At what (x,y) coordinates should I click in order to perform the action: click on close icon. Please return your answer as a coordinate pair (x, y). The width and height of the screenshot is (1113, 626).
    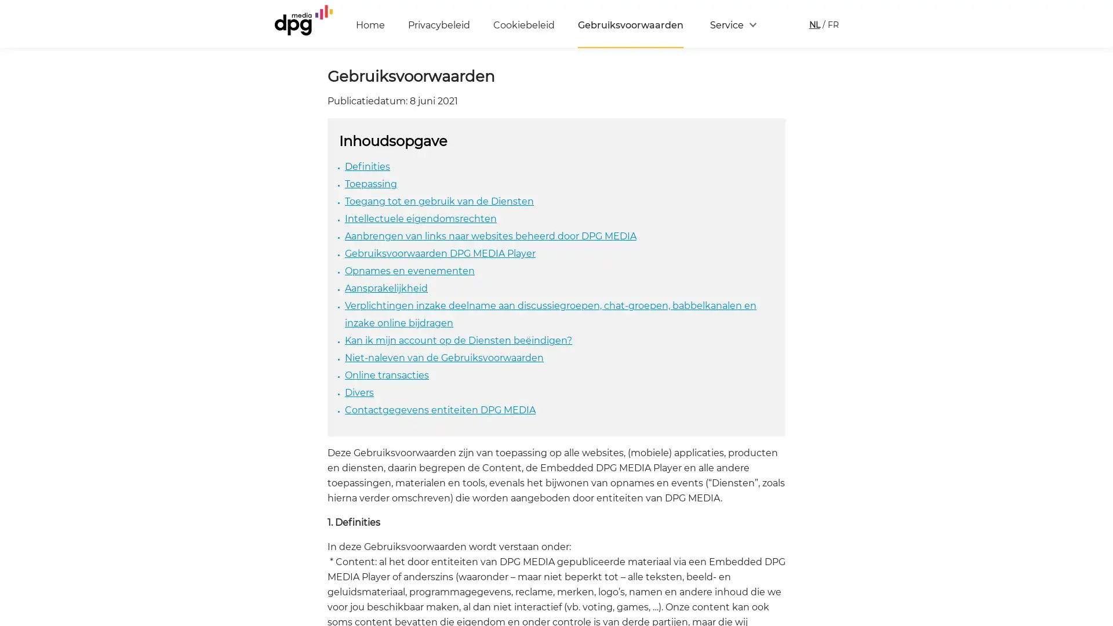
    Looking at the image, I should click on (1098, 454).